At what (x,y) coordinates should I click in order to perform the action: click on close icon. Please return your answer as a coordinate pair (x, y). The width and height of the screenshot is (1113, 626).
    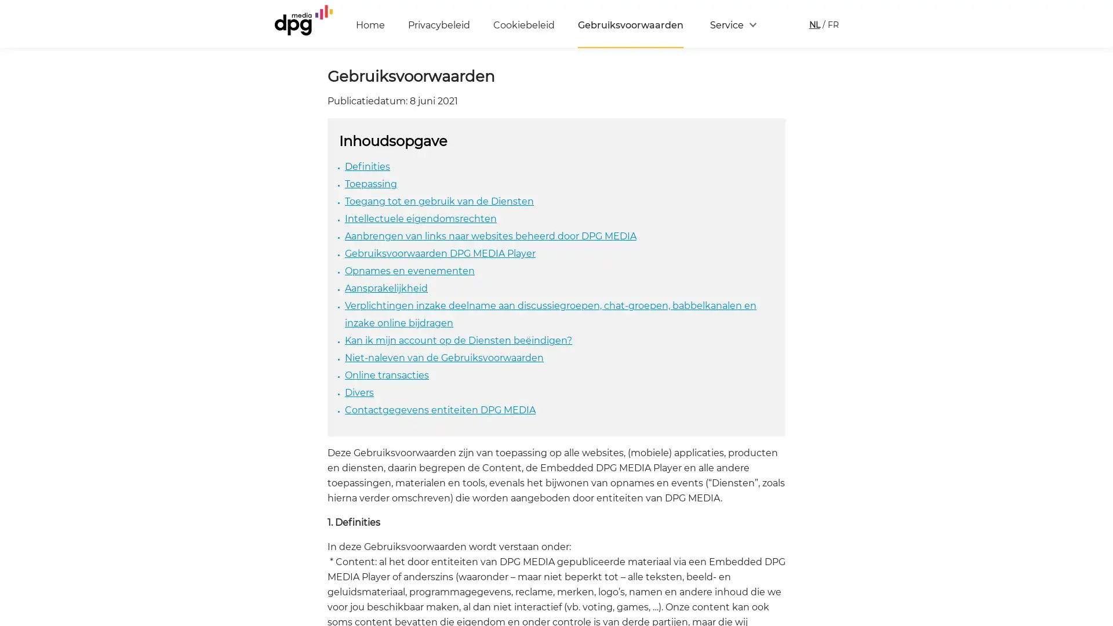
    Looking at the image, I should click on (1098, 454).